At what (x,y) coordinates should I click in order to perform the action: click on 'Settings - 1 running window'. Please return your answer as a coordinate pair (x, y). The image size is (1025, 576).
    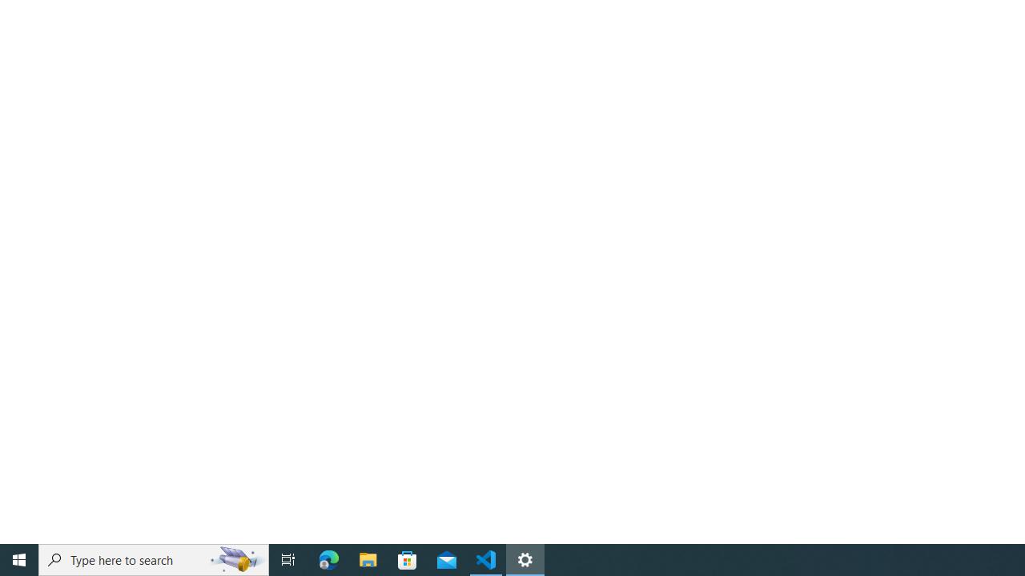
    Looking at the image, I should click on (525, 558).